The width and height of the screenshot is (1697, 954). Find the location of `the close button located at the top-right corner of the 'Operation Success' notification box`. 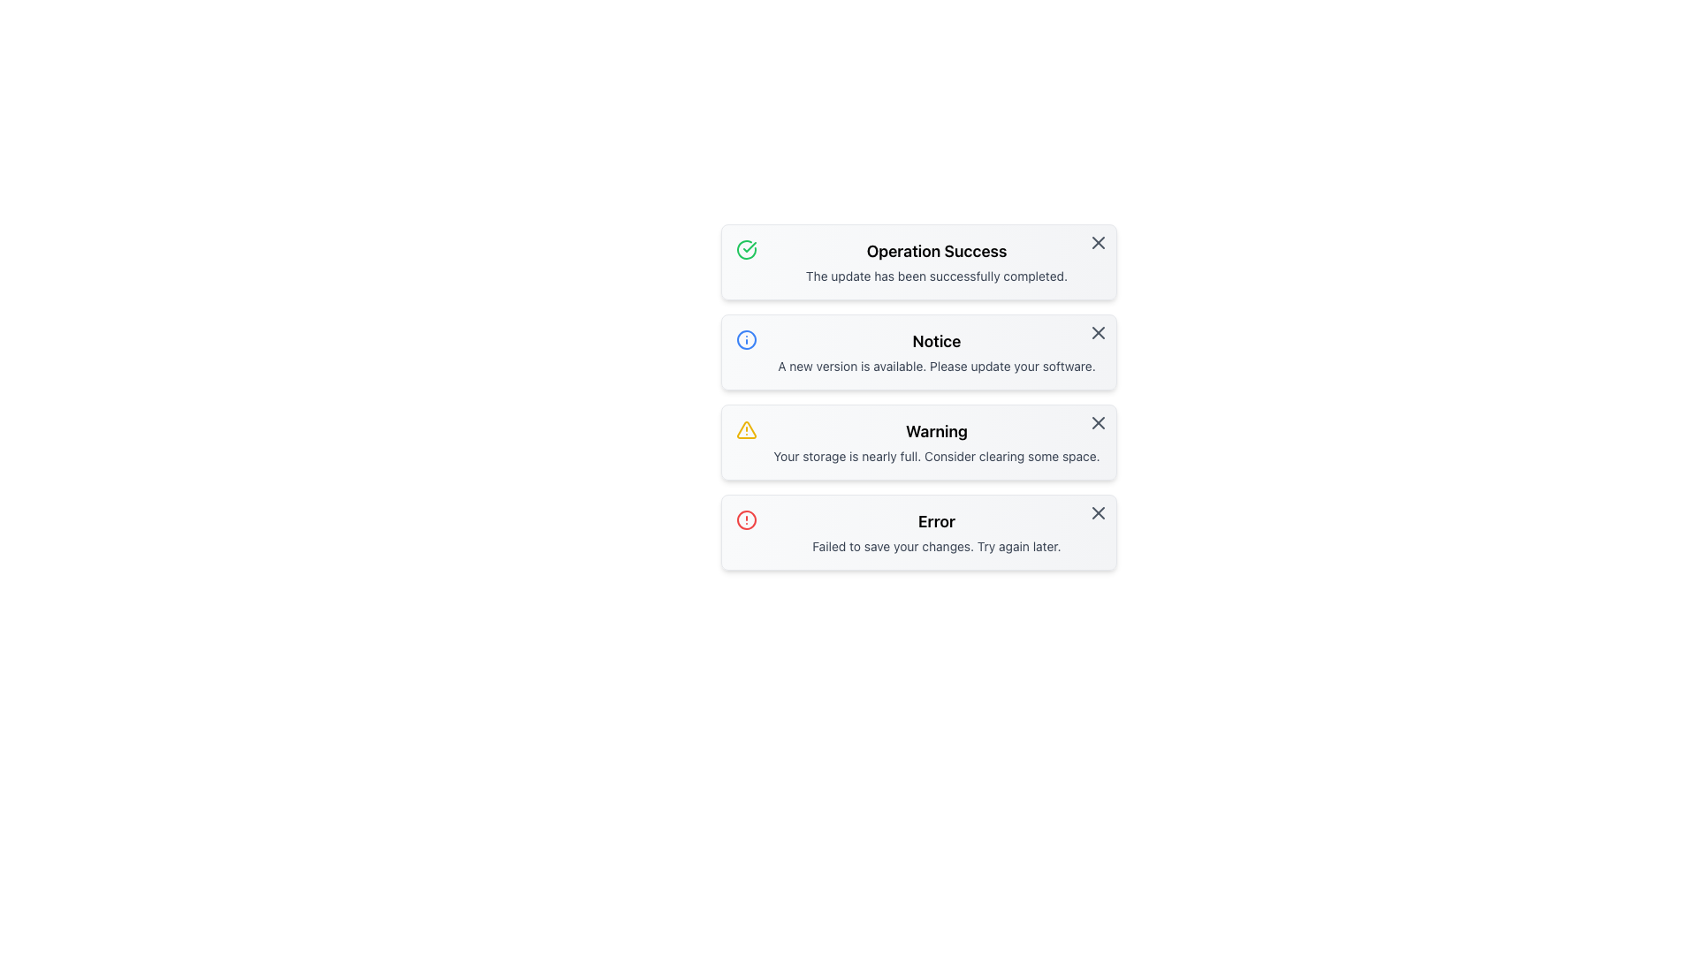

the close button located at the top-right corner of the 'Operation Success' notification box is located at coordinates (1098, 242).